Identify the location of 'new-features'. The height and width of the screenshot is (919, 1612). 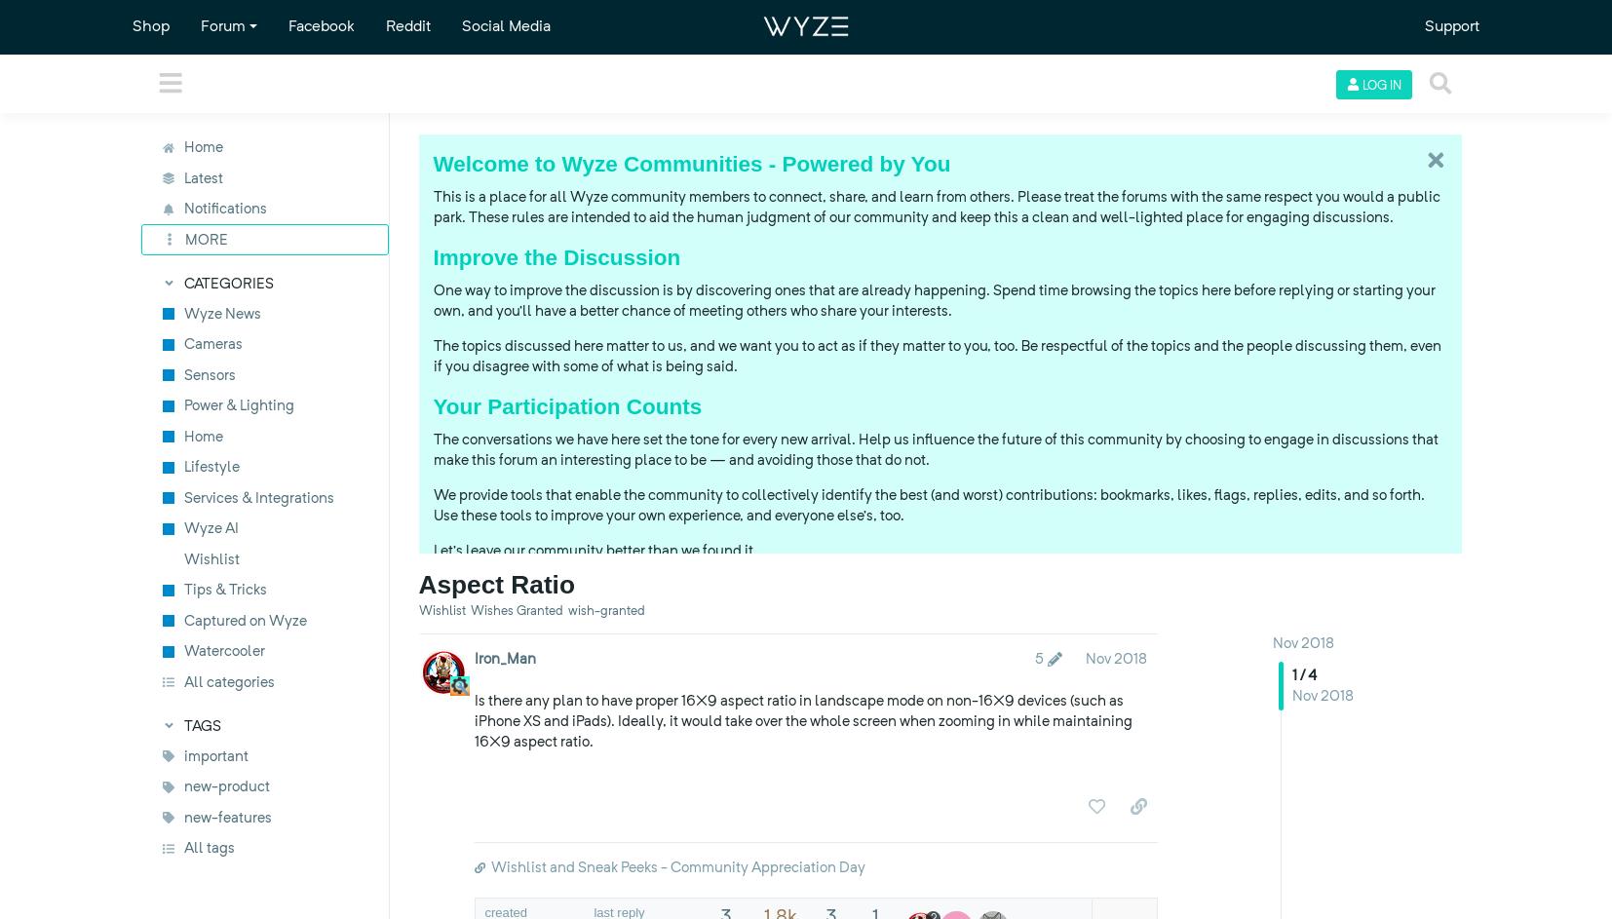
(226, 816).